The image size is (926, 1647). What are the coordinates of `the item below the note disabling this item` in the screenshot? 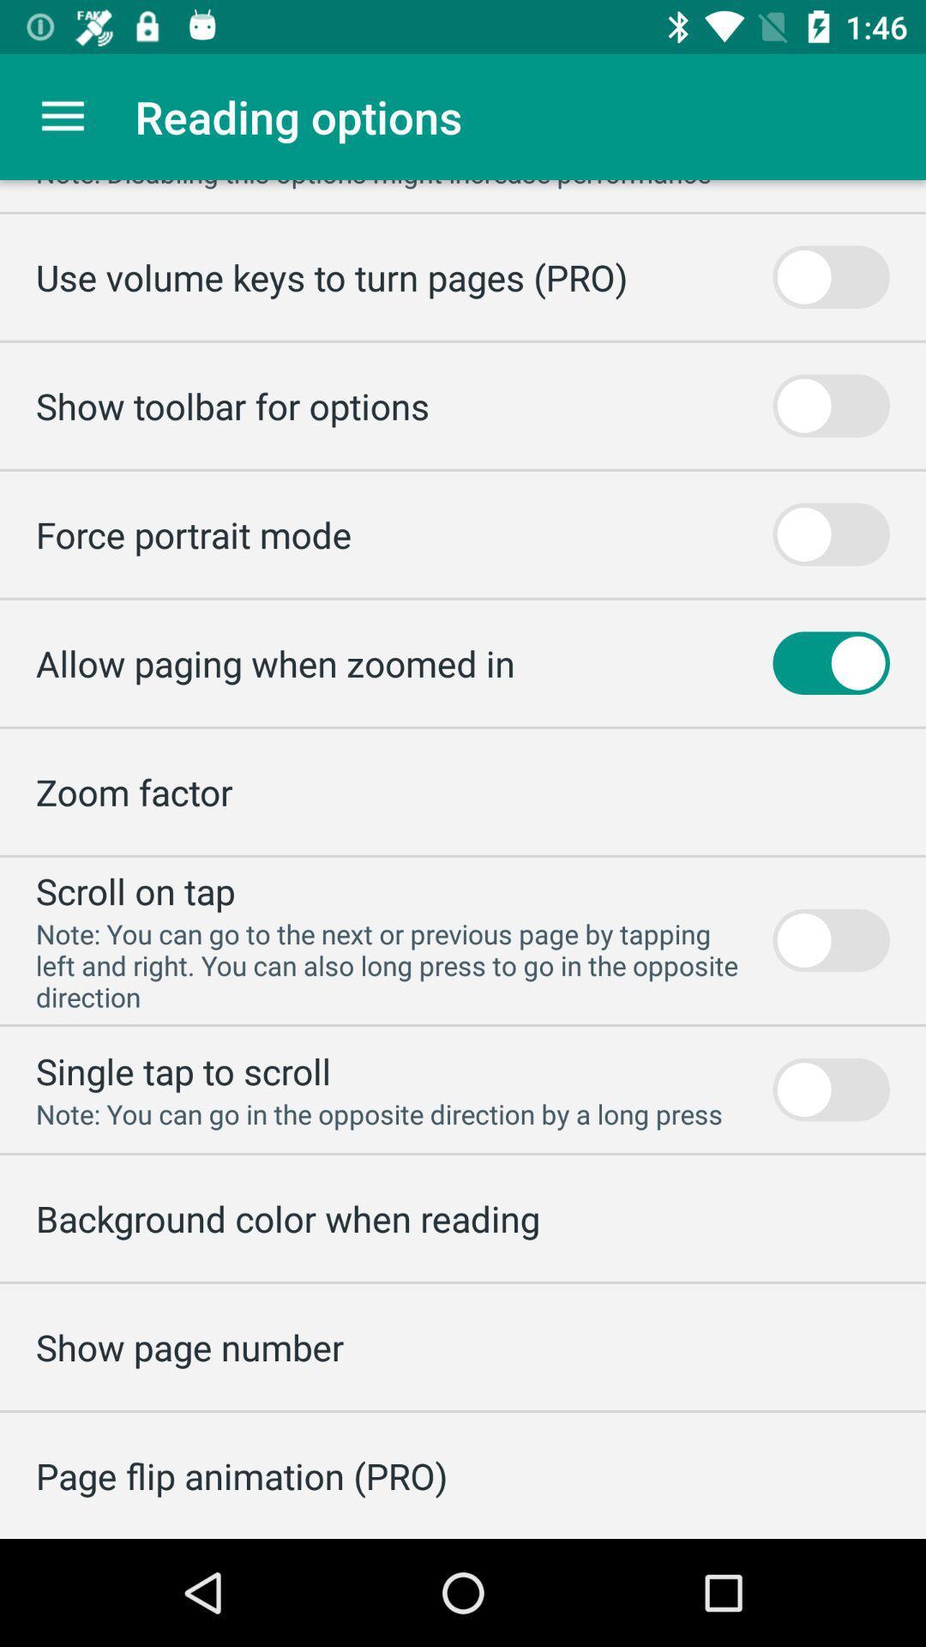 It's located at (331, 277).